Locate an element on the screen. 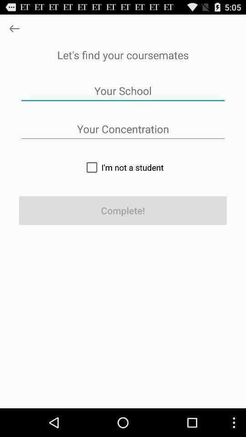 The height and width of the screenshot is (437, 246). type in college major is located at coordinates (123, 128).